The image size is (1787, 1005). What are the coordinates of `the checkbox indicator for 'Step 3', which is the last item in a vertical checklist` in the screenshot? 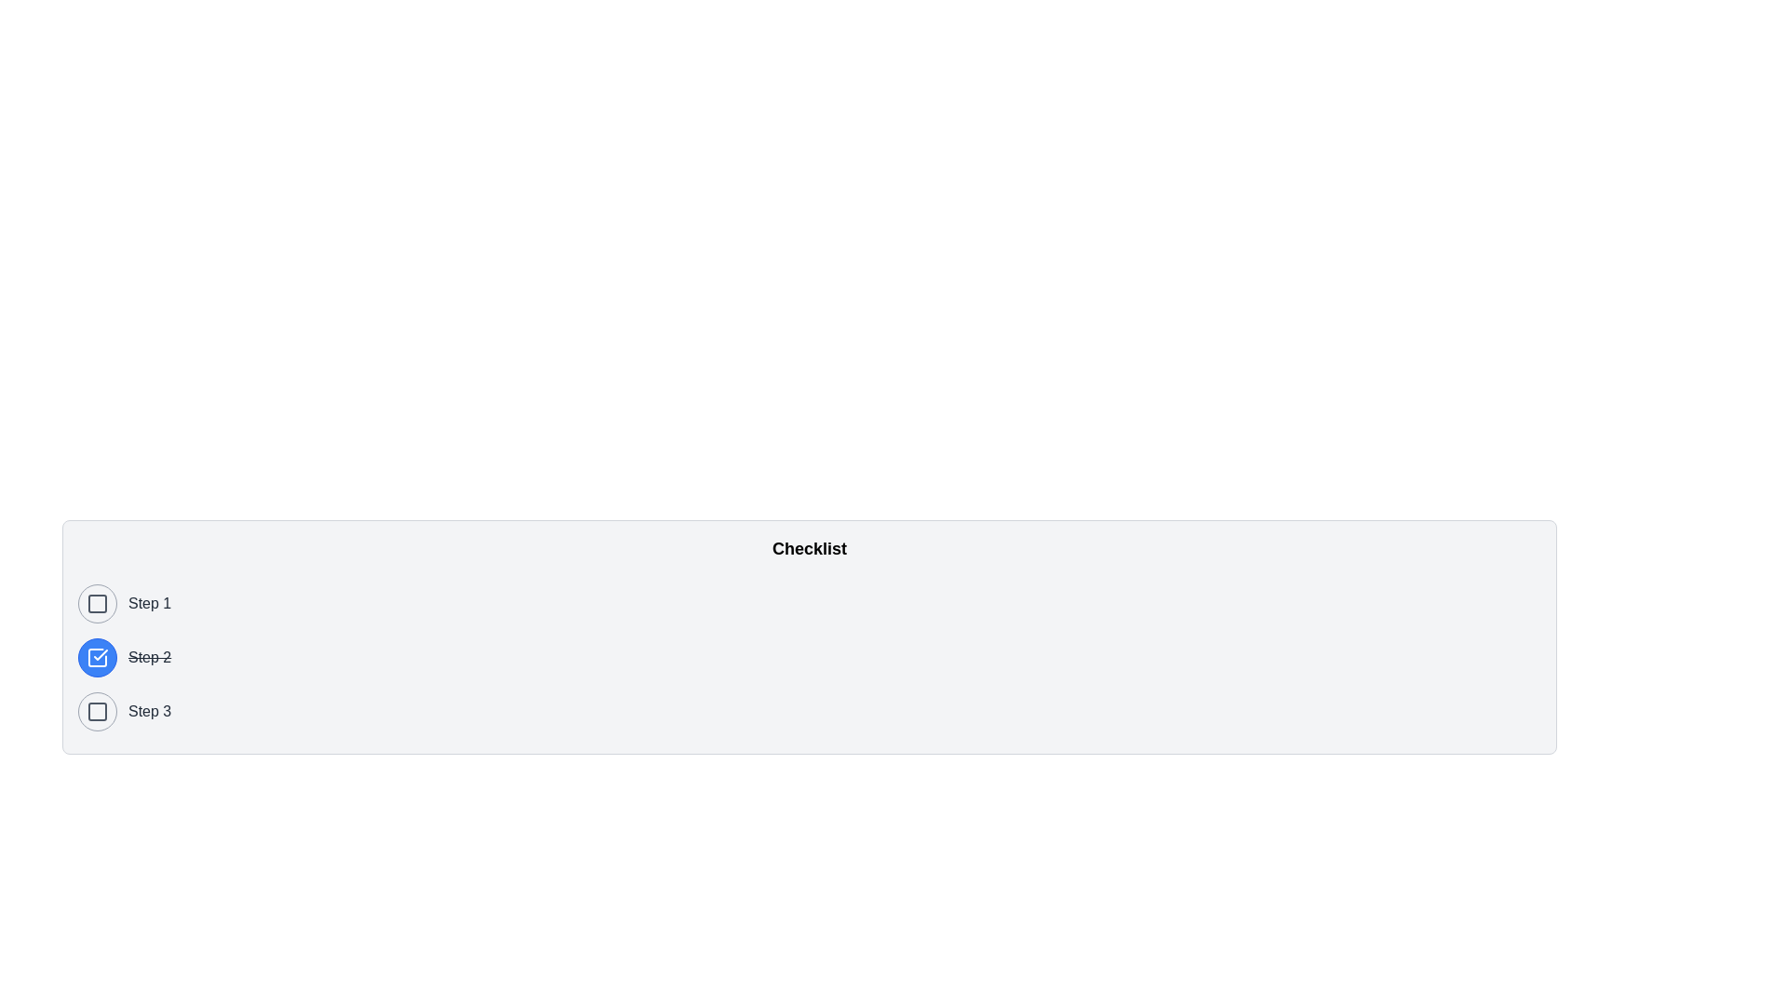 It's located at (97, 711).